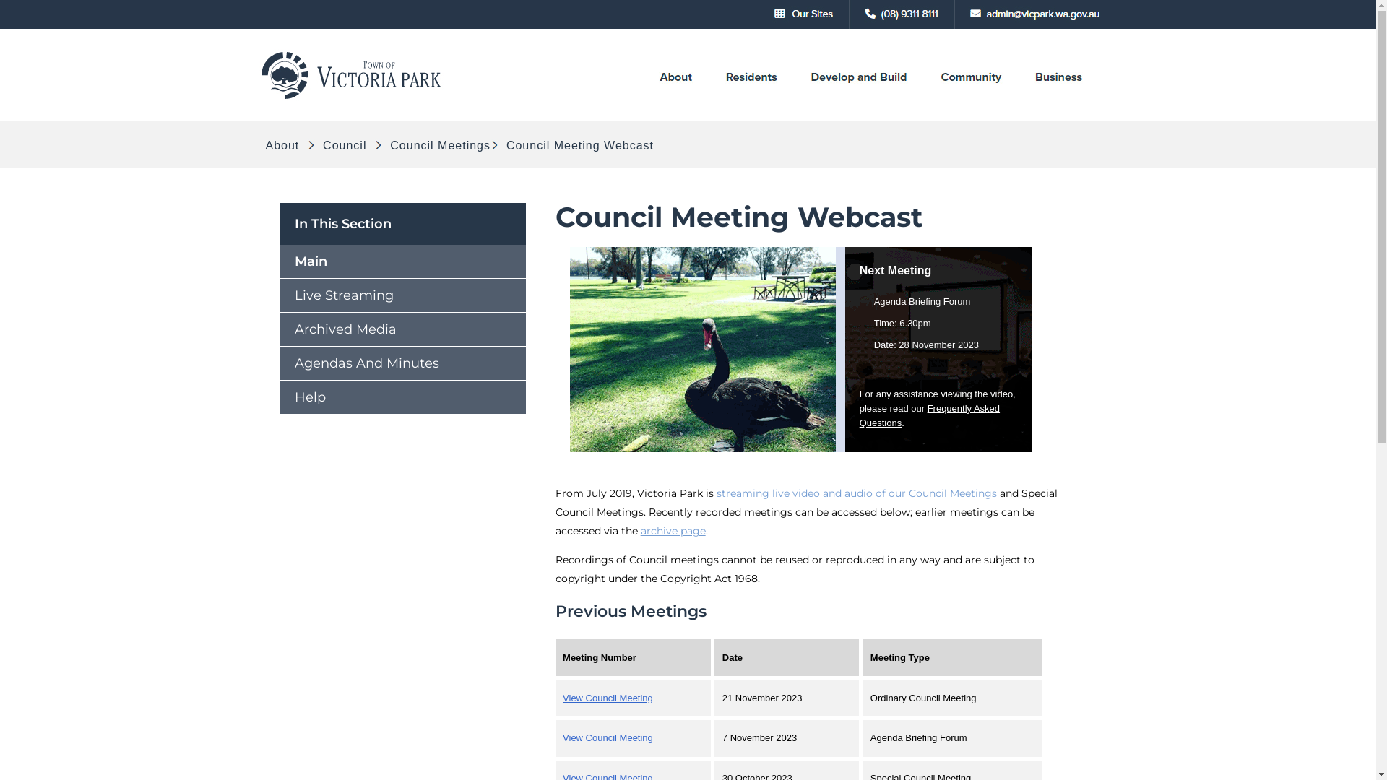  Describe the element at coordinates (402, 397) in the screenshot. I see `'Help'` at that location.